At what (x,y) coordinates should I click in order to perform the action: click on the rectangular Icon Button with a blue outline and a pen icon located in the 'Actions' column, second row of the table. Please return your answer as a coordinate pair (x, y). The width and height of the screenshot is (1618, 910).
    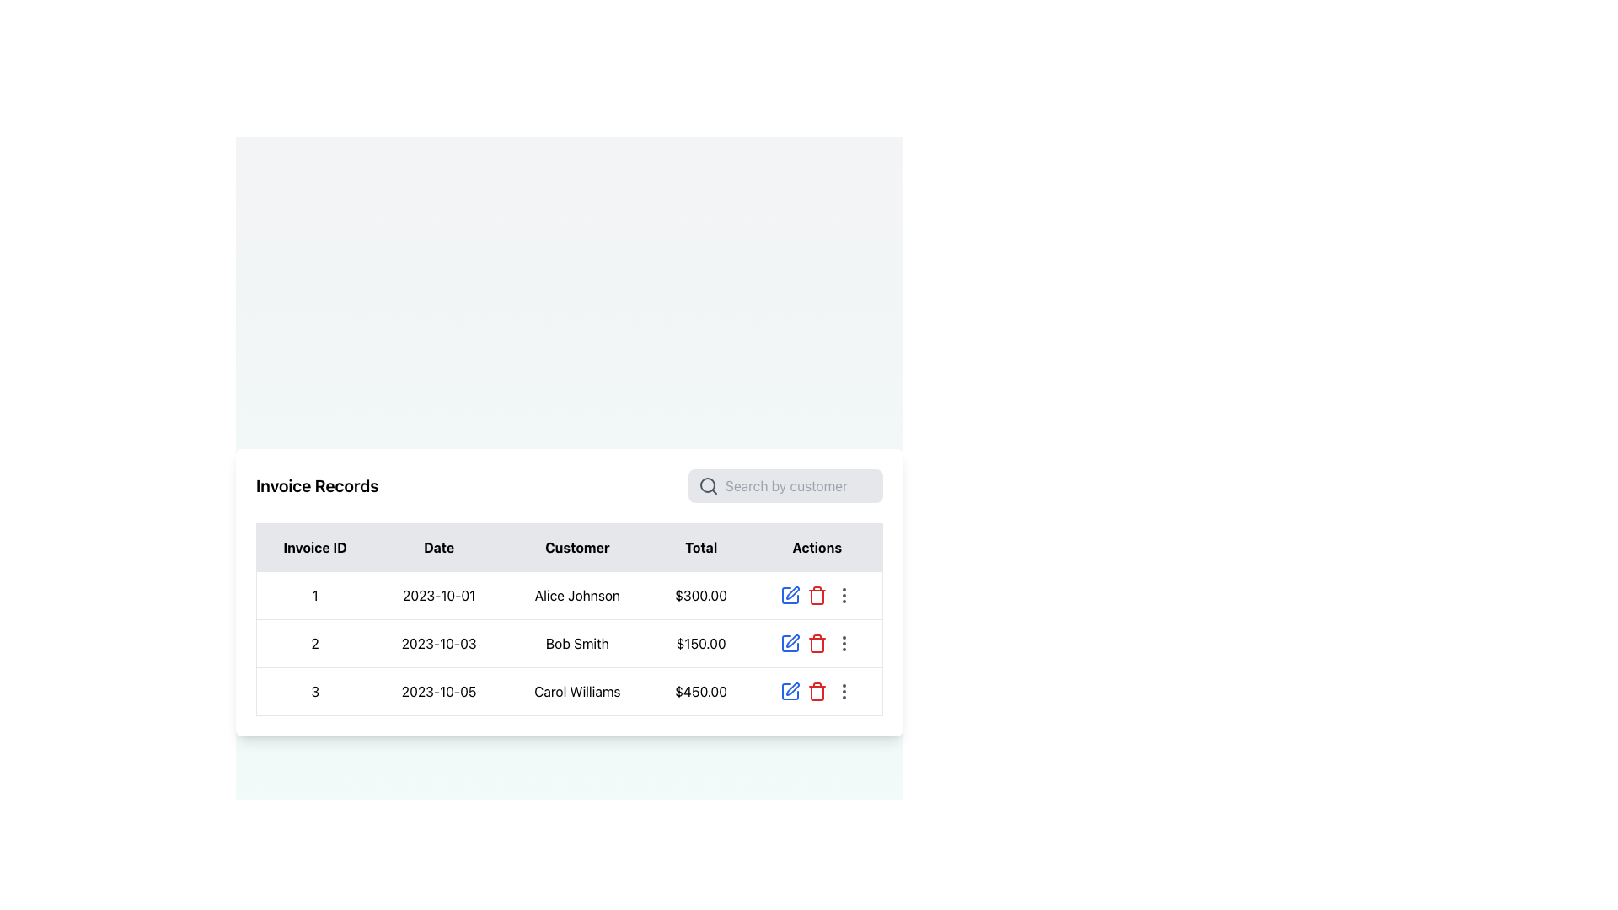
    Looking at the image, I should click on (789, 643).